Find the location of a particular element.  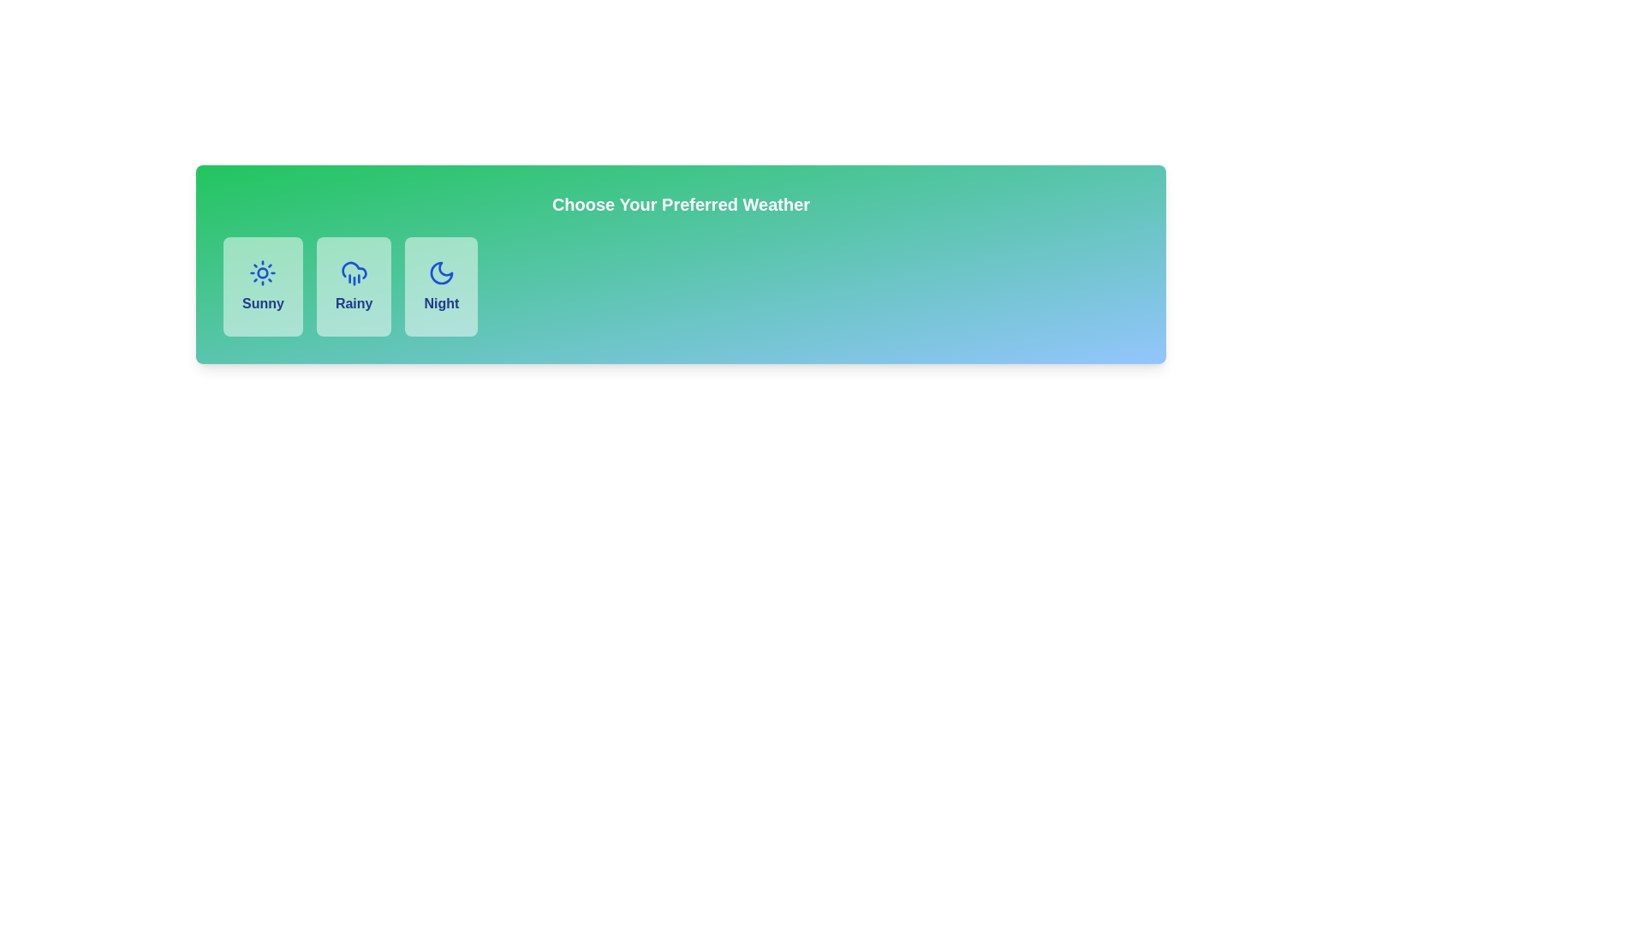

the 'Night' button in the weather selection interface is located at coordinates (441, 286).